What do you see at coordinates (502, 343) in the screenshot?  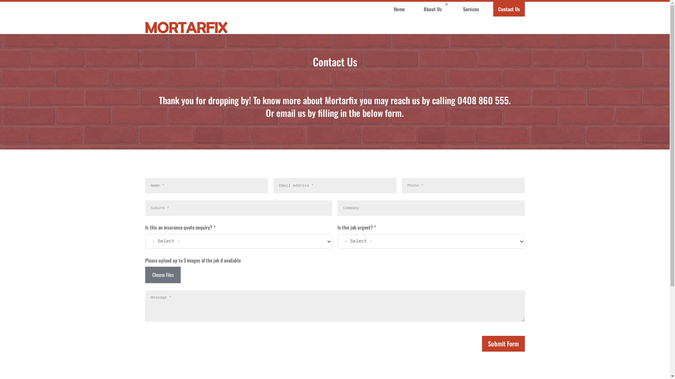 I see `'Submit Form'` at bounding box center [502, 343].